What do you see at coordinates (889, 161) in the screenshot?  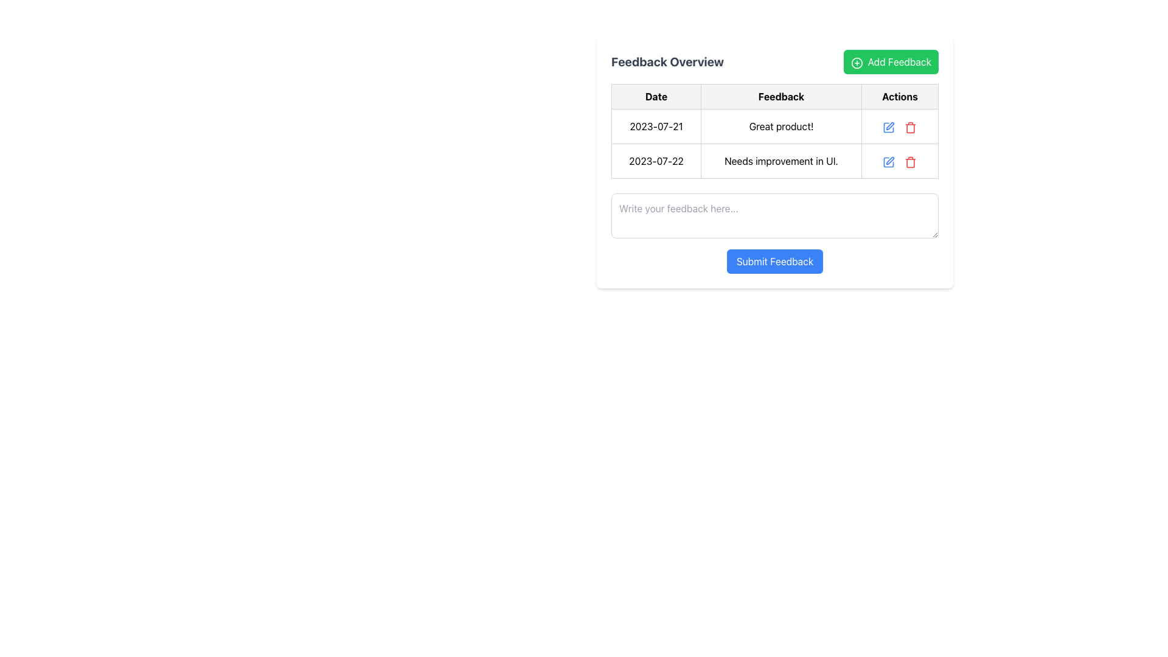 I see `the edit button icon located in the 'Actions' column of the second row of the feedback overview table to initiate an edit function for the corresponding feedback entry` at bounding box center [889, 161].